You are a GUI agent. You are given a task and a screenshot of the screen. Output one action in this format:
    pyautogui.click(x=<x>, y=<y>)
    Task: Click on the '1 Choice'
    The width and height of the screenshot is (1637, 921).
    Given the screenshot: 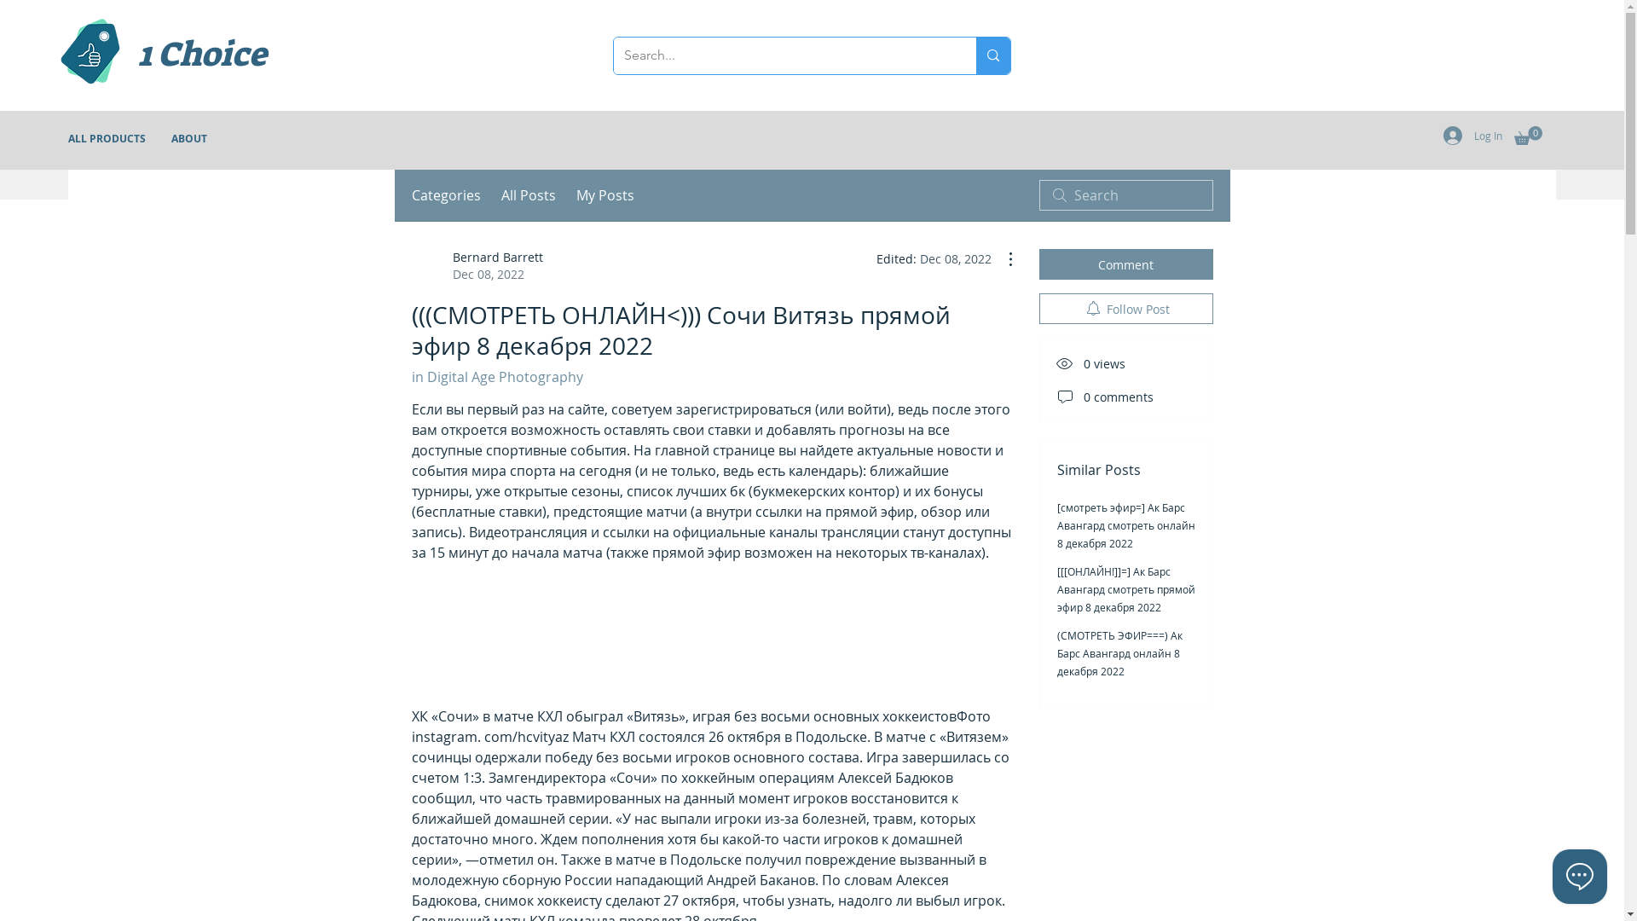 What is the action you would take?
    pyautogui.click(x=138, y=54)
    